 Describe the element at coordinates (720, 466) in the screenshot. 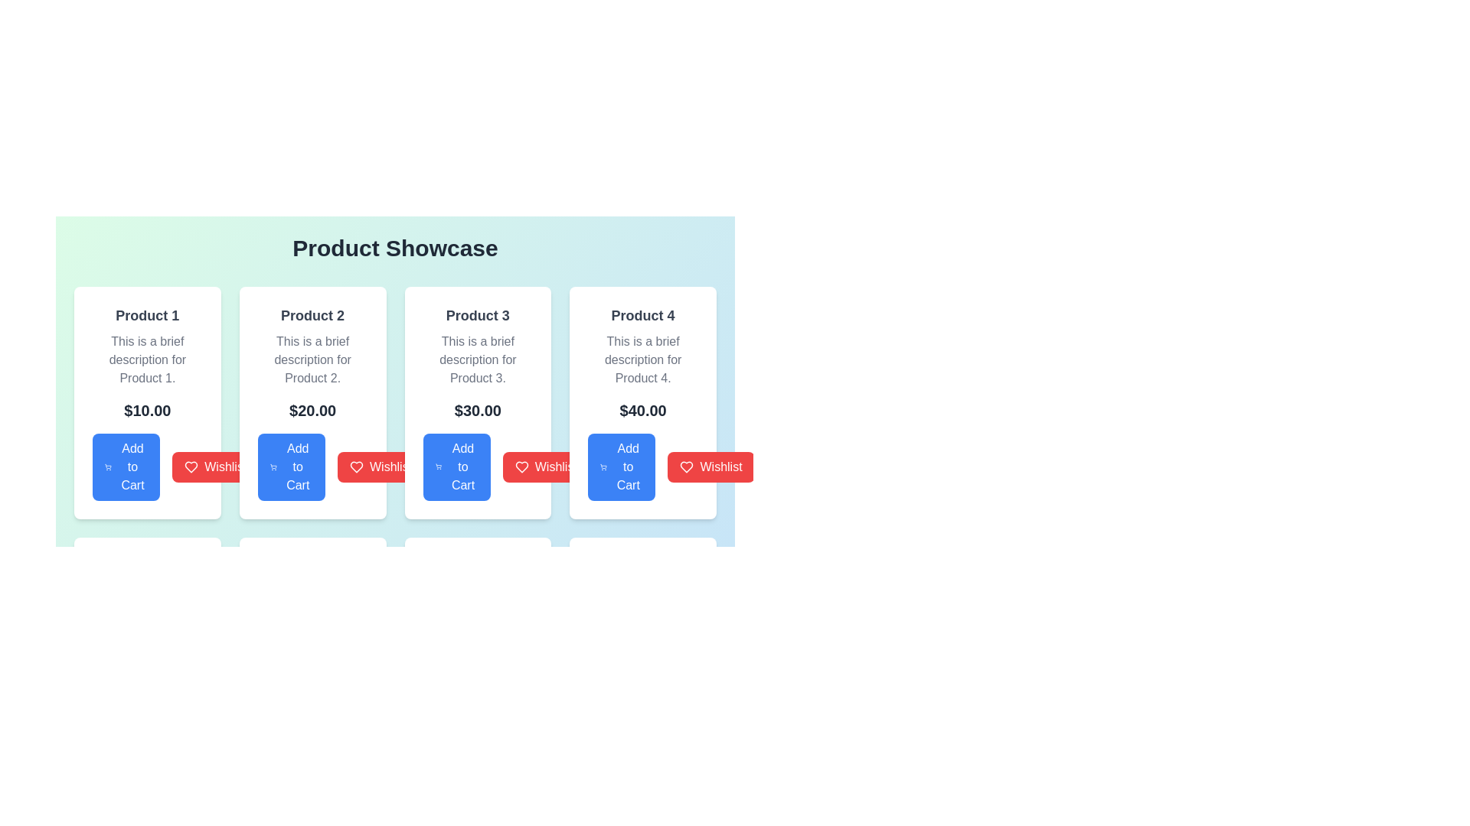

I see `'Wishlist' text label, which is styled with a red background and white text, located alongside a heart icon within the button under the 'Product 4' card in the 'Product Showcase' section` at that location.